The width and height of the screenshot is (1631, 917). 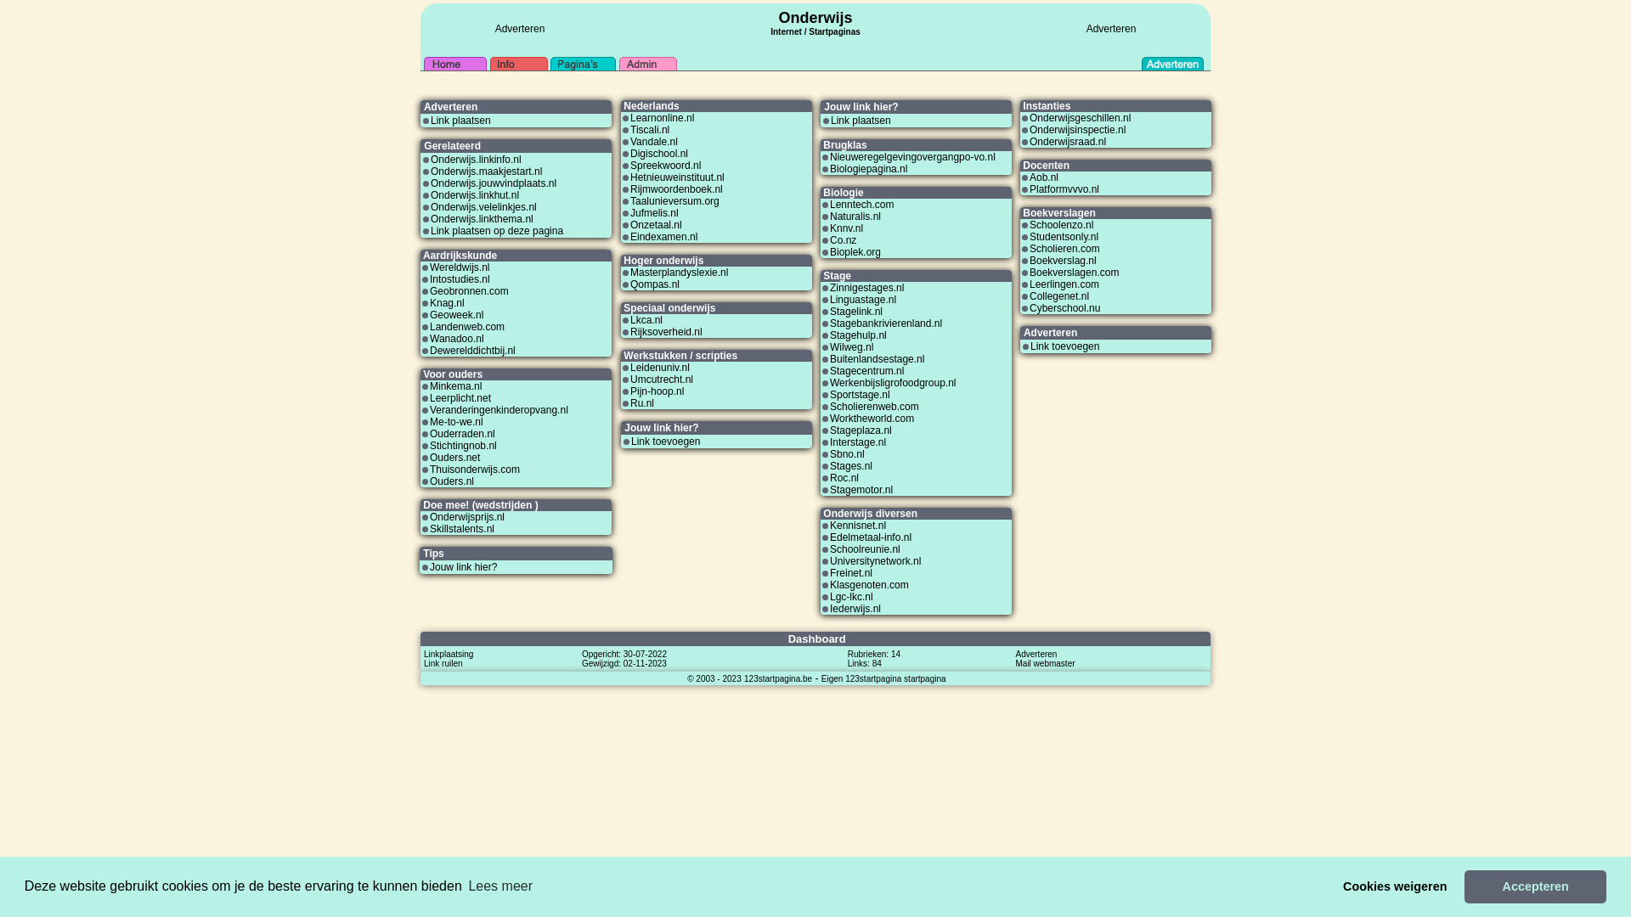 What do you see at coordinates (429, 386) in the screenshot?
I see `'Minkema.nl'` at bounding box center [429, 386].